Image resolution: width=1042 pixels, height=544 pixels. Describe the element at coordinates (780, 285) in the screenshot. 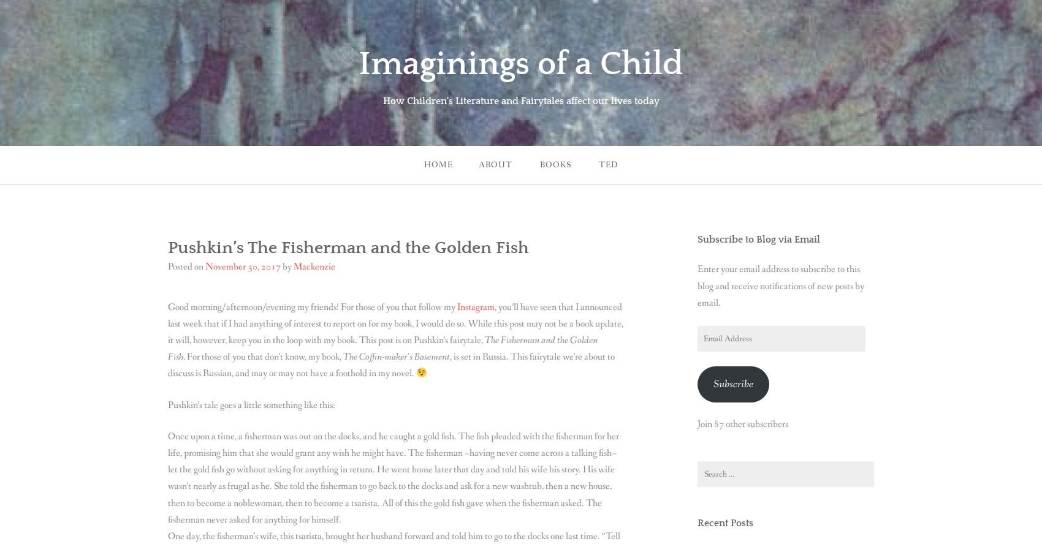

I see `'Enter your email address to subscribe to this blog and receive notifications of new posts by email.'` at that location.